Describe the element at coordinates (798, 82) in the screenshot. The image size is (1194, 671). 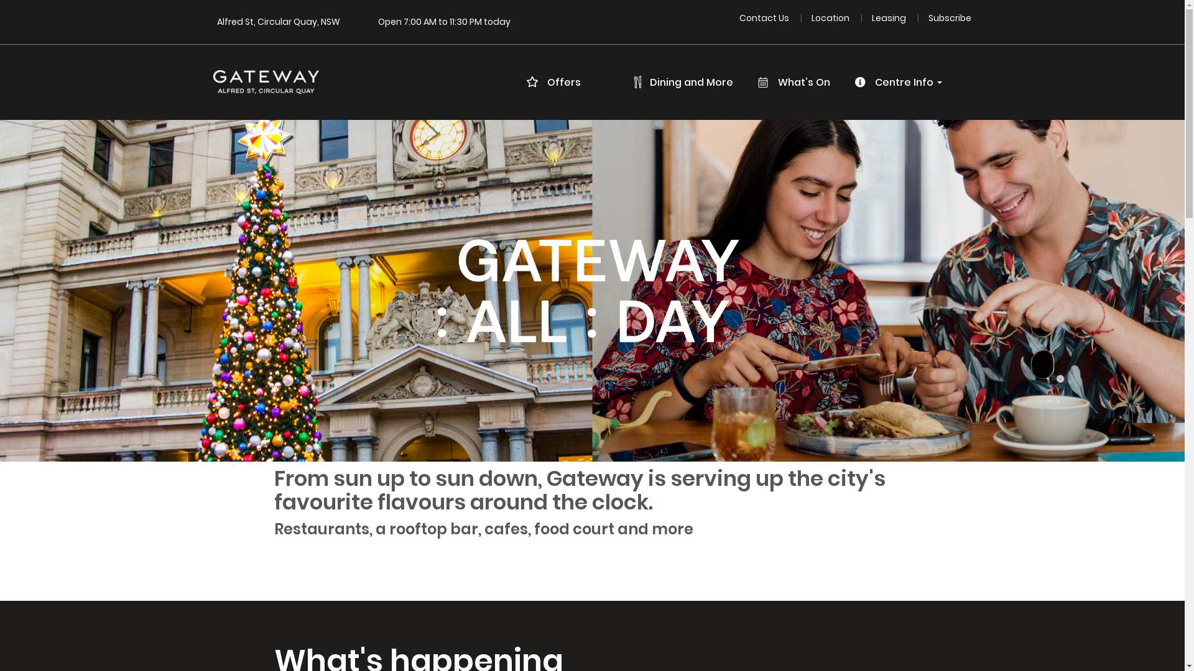
I see `'What's On'` at that location.